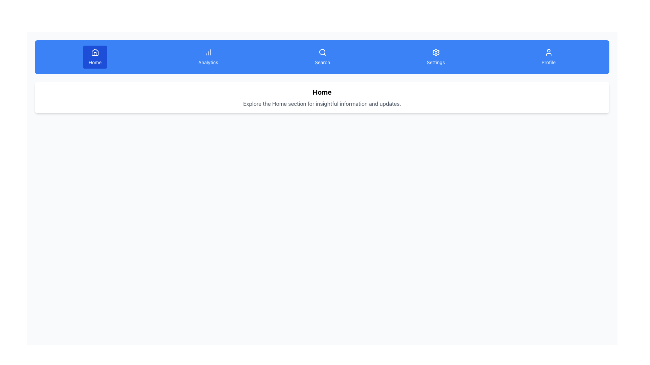 The height and width of the screenshot is (365, 650). What do you see at coordinates (94, 63) in the screenshot?
I see `text label displaying 'Home' which is styled with a light font color against a blue background, positioned below the home icon in the navigation bar` at bounding box center [94, 63].